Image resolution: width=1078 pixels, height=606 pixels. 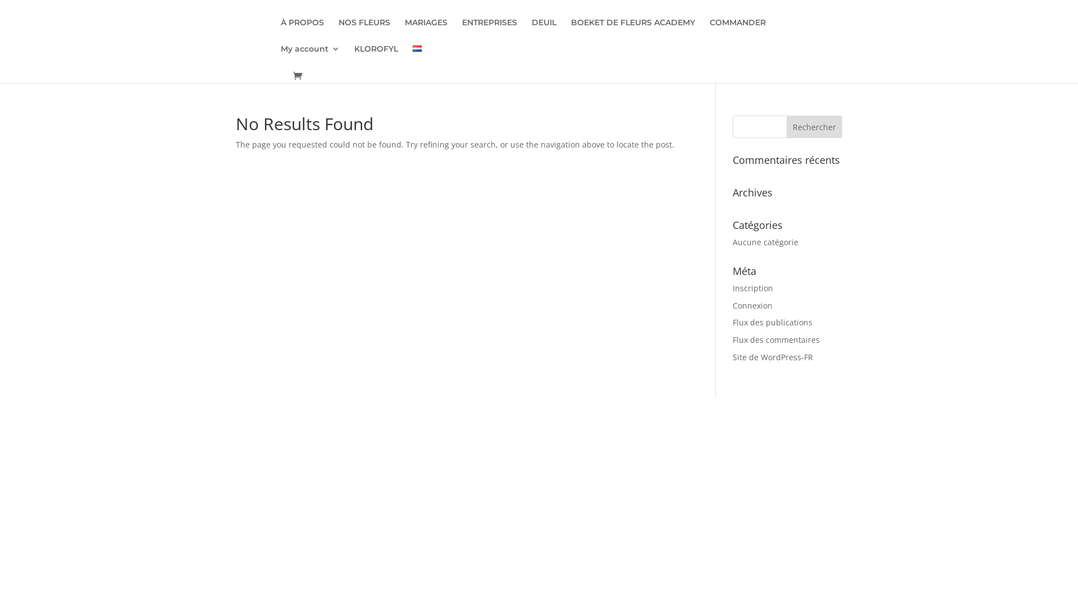 What do you see at coordinates (310, 58) in the screenshot?
I see `'My account'` at bounding box center [310, 58].